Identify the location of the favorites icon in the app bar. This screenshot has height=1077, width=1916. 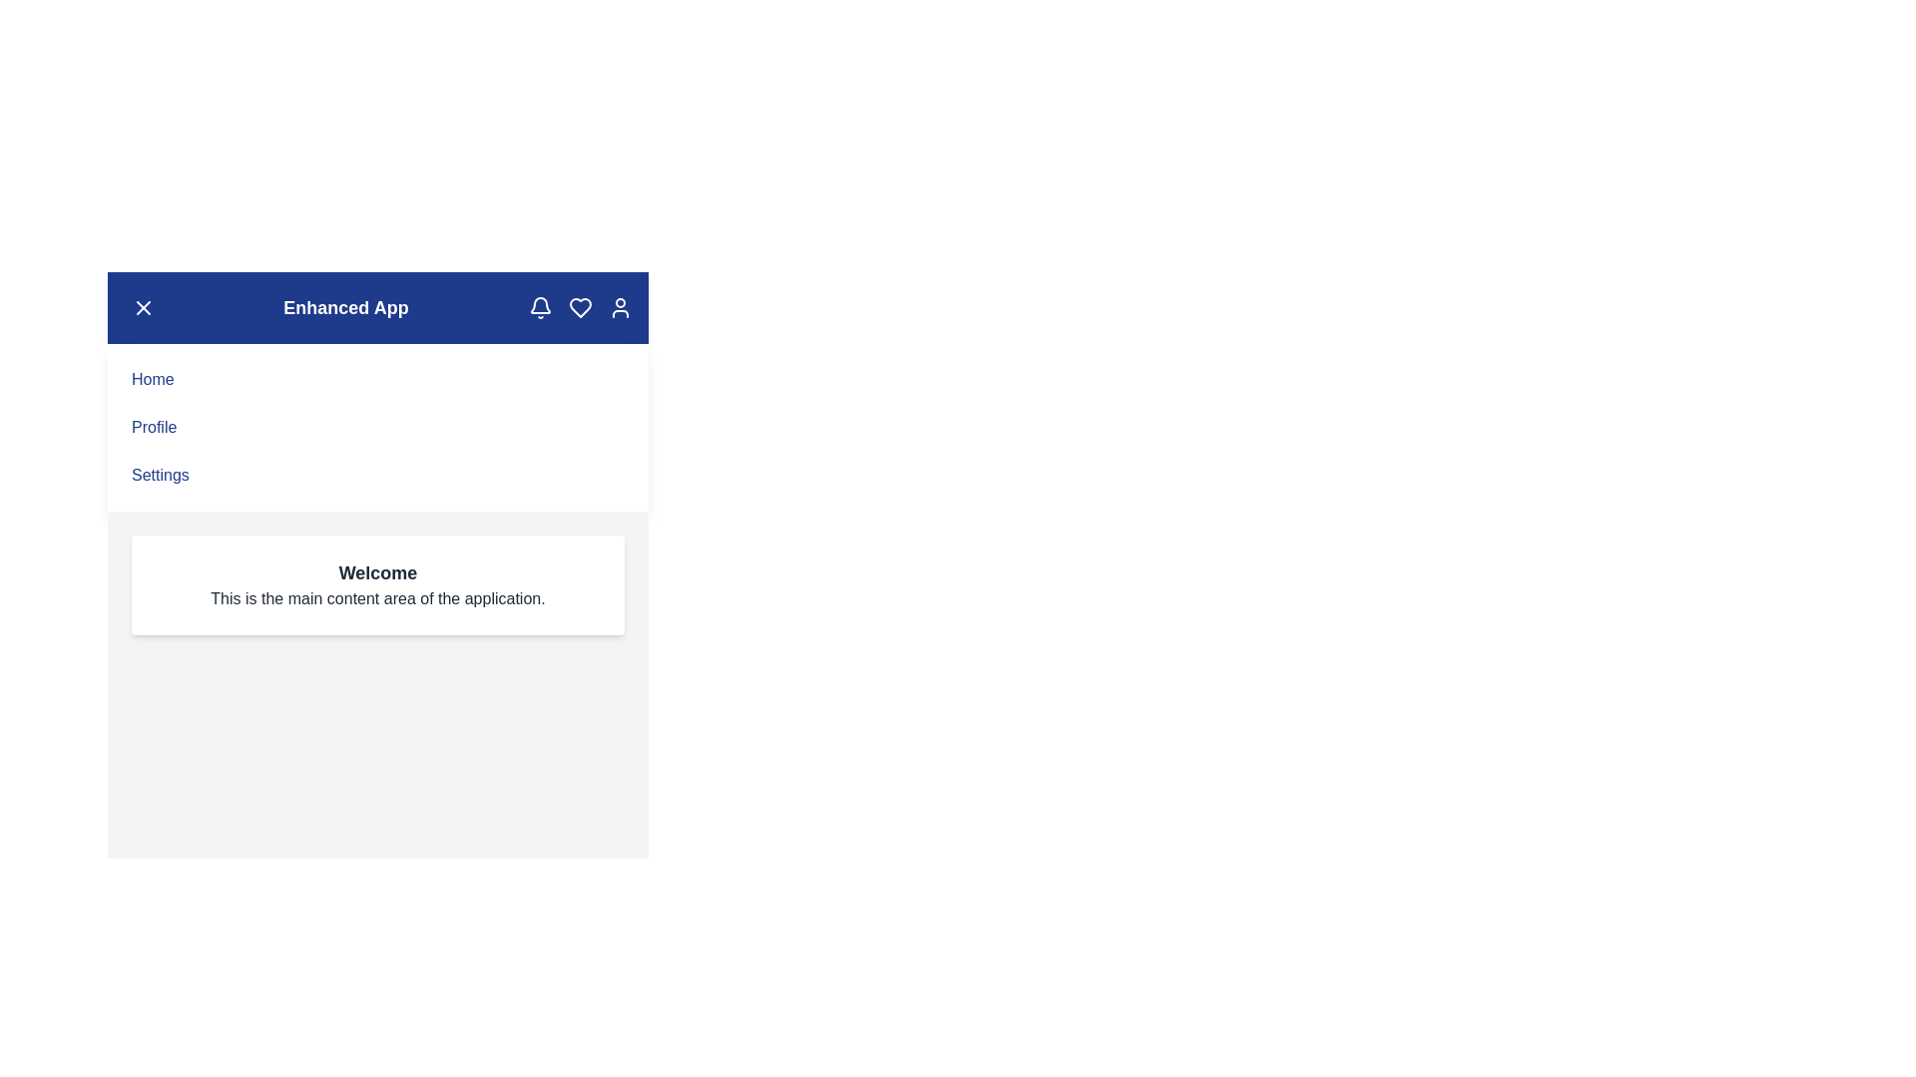
(579, 307).